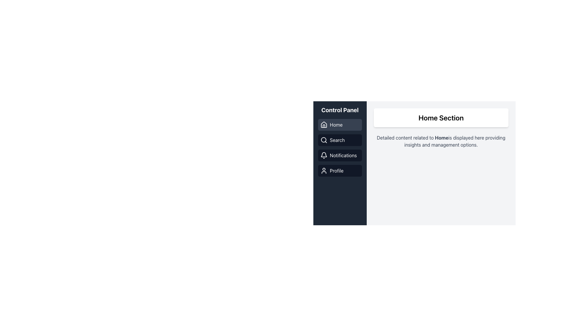 This screenshot has width=566, height=318. Describe the element at coordinates (340, 125) in the screenshot. I see `the 'Home' Navigation button, which displays a house icon and white text on a dark rectangular background` at that location.